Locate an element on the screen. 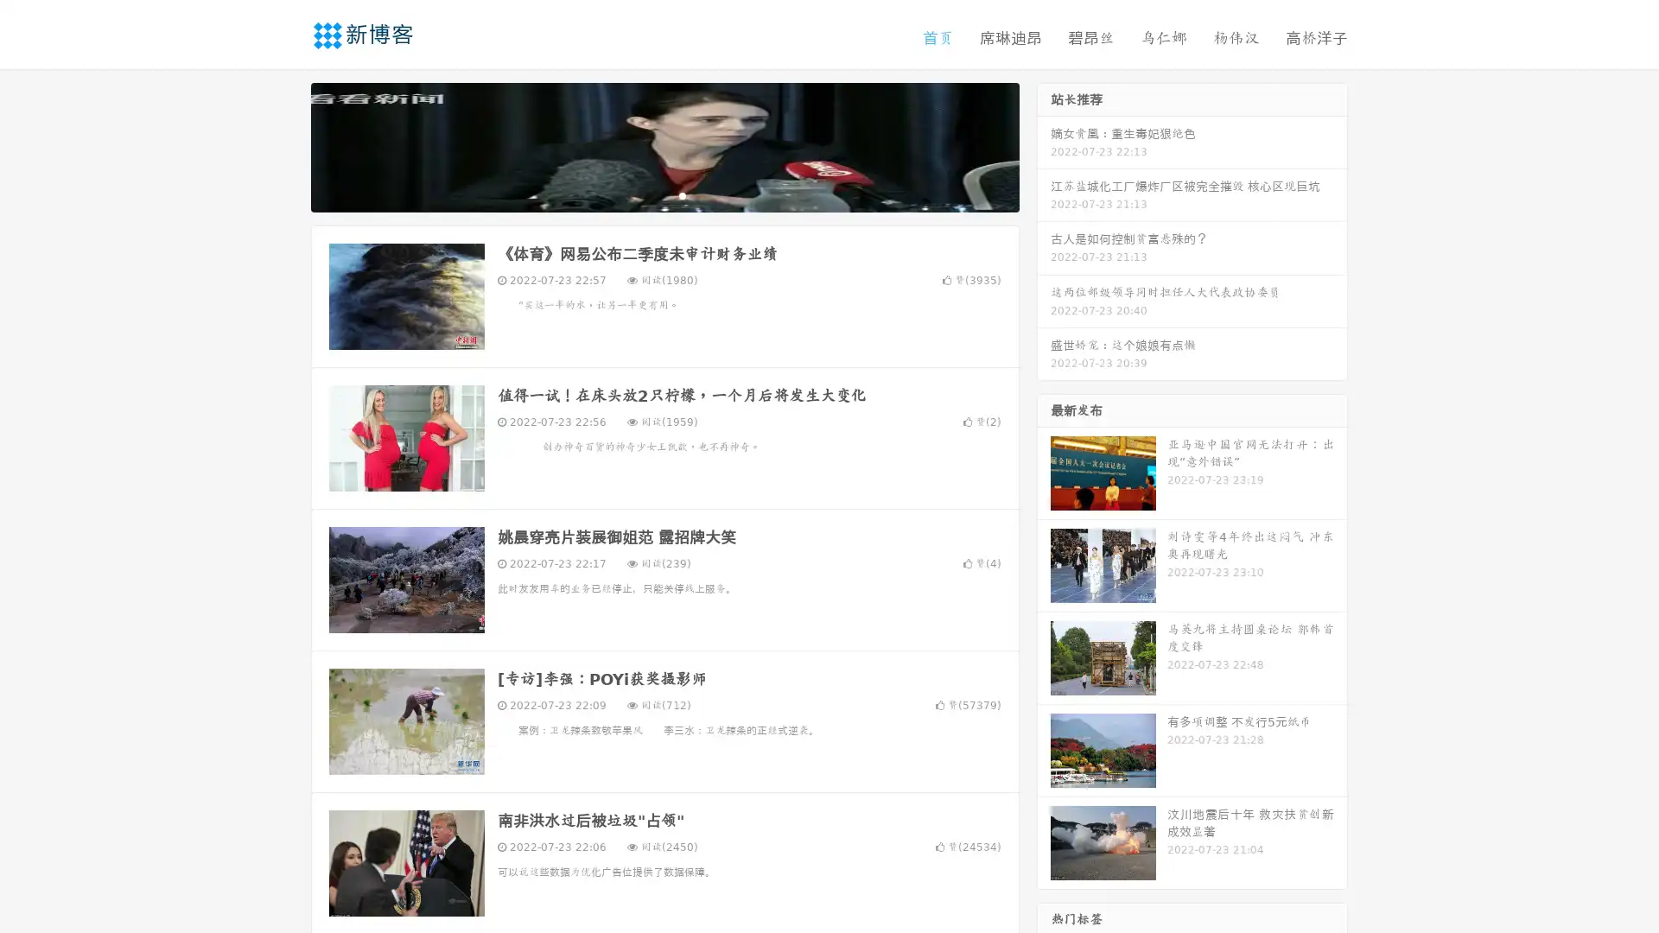  Next slide is located at coordinates (1044, 145).